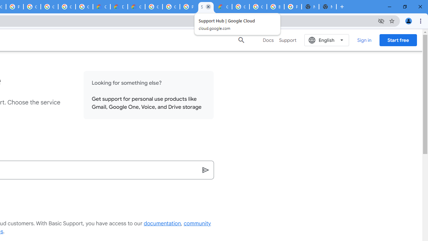  Describe the element at coordinates (268, 40) in the screenshot. I see `'Docs'` at that location.